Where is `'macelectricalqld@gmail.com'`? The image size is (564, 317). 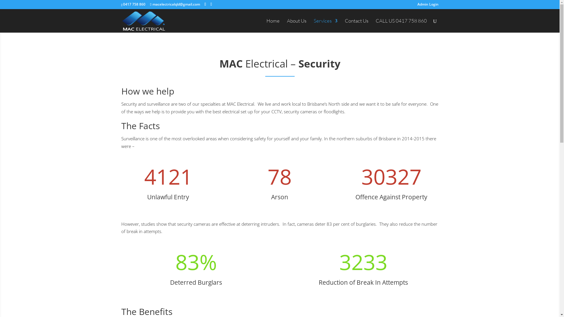
'macelectricalqld@gmail.com' is located at coordinates (174, 4).